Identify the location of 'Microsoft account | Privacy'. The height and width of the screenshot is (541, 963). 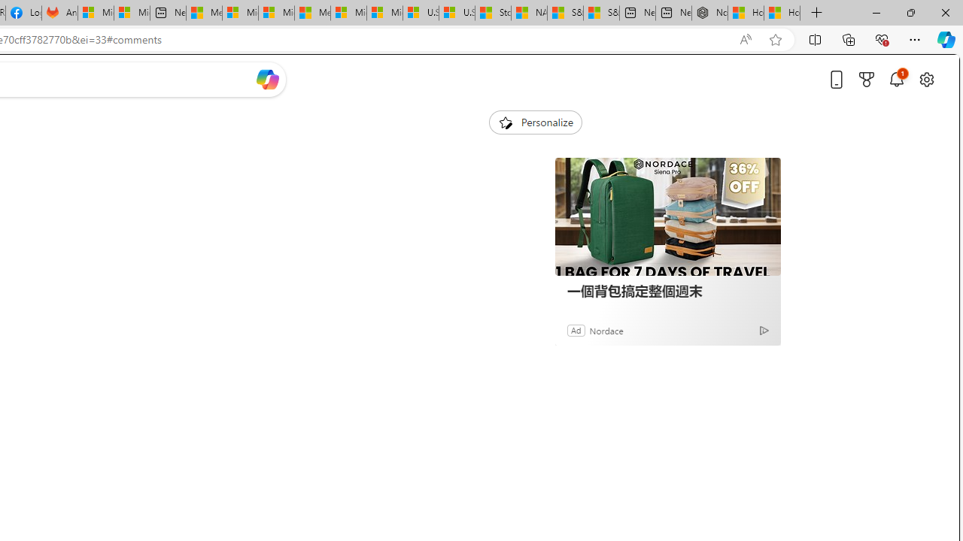
(239, 13).